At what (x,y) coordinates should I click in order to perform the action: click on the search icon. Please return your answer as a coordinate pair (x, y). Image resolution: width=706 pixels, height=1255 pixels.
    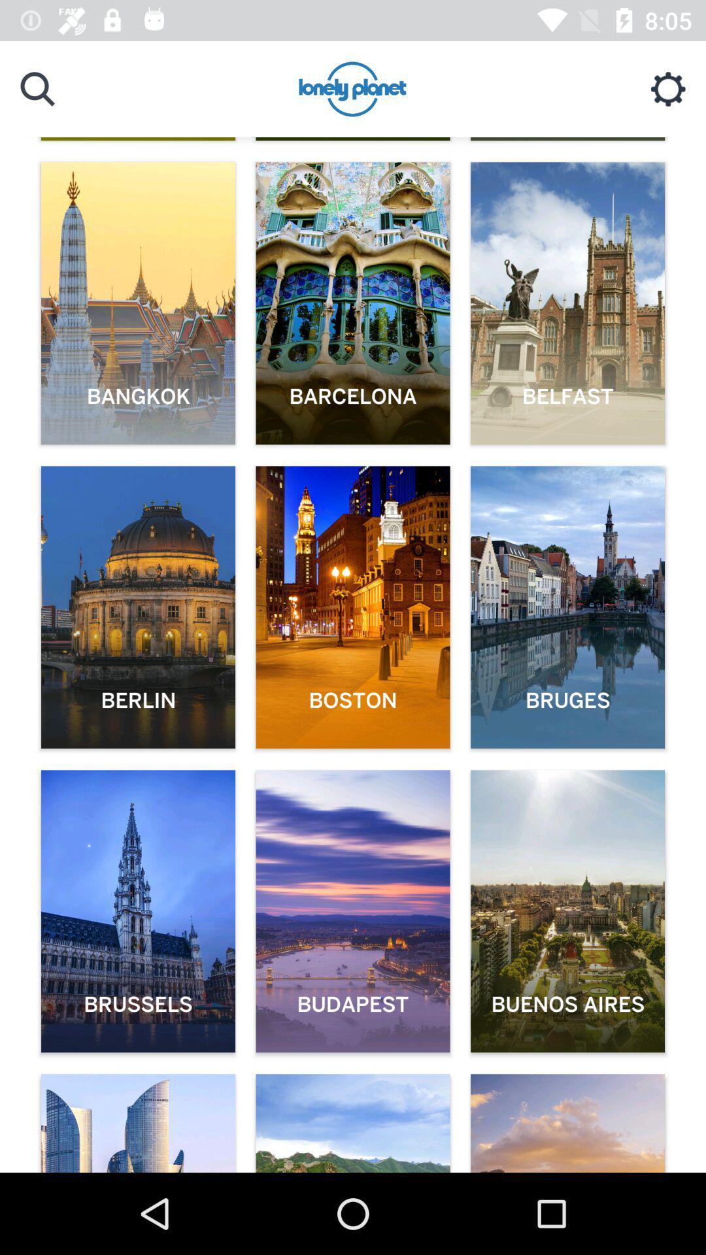
    Looking at the image, I should click on (37, 88).